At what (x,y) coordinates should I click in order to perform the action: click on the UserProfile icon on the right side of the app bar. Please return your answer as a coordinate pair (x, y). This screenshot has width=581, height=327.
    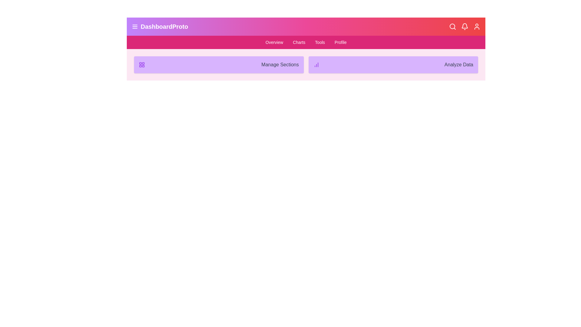
    Looking at the image, I should click on (476, 26).